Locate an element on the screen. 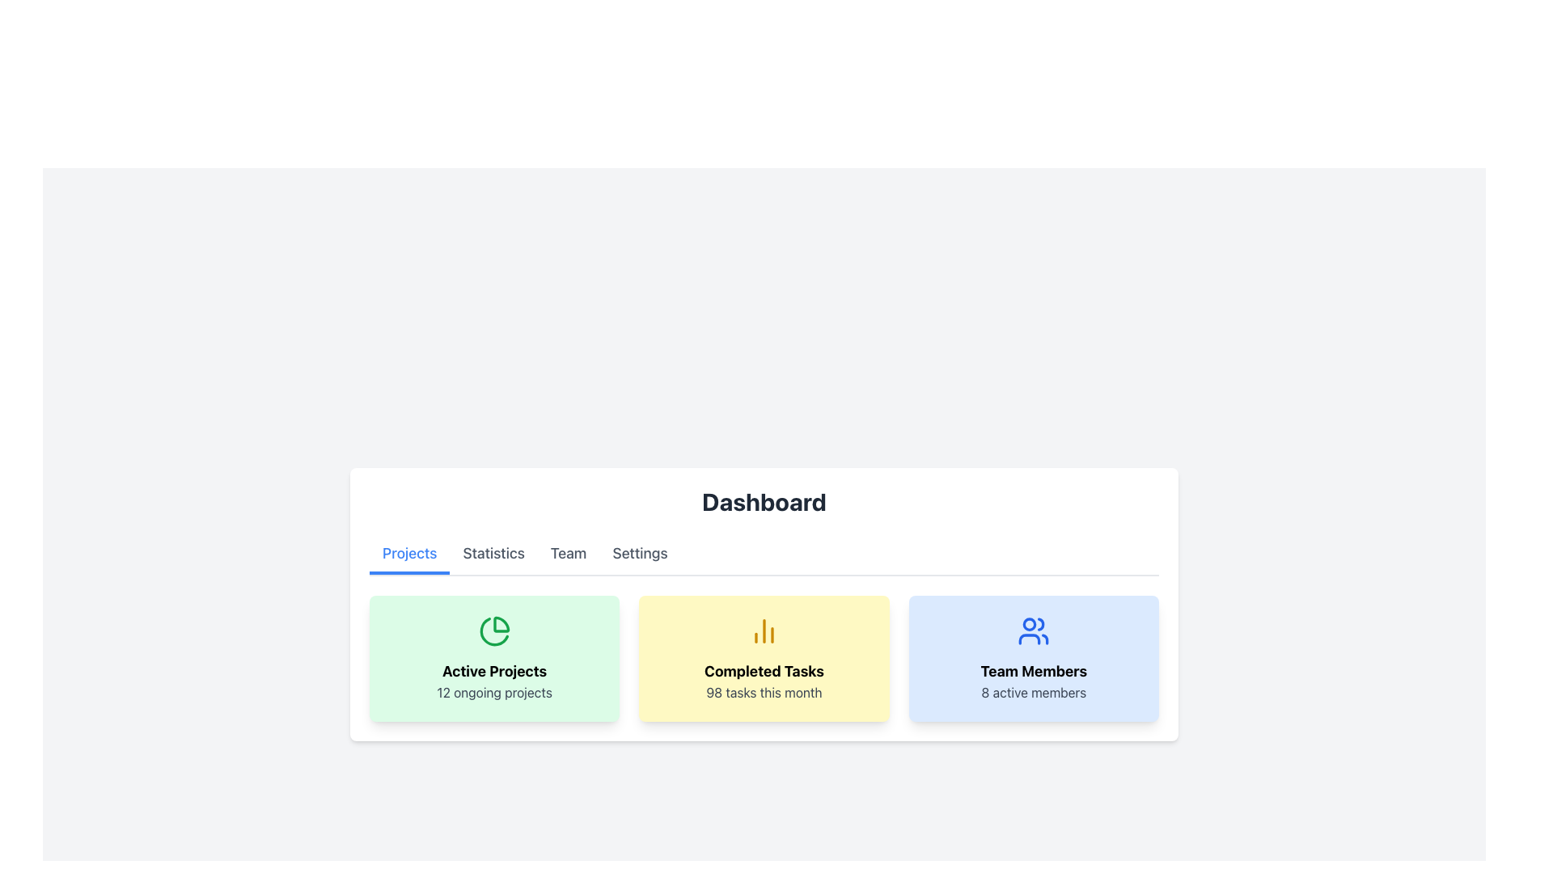 This screenshot has height=873, width=1553. the text element displaying '12 ongoing projects' in a gray color within a light green background box, located under 'Active Projects' is located at coordinates (493, 691).